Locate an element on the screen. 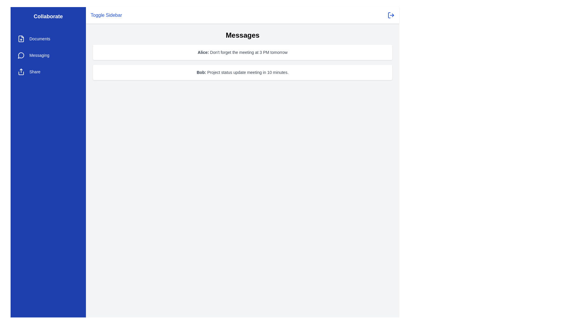 This screenshot has height=318, width=565. the 'Messages' header text element which is centered, bold, and large, styled as a heading is located at coordinates (242, 35).